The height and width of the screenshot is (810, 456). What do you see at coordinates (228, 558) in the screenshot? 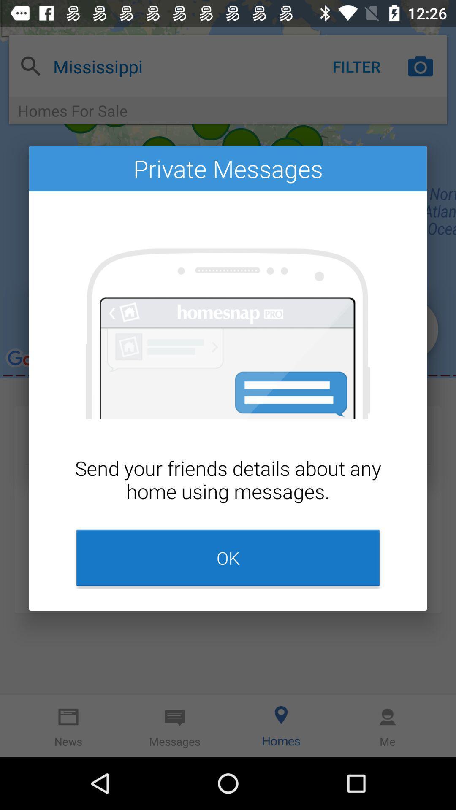
I see `icon below send your friends item` at bounding box center [228, 558].